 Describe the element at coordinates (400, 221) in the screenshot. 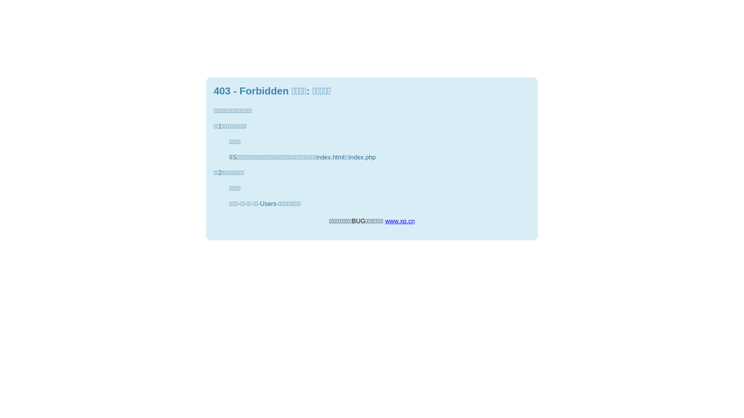

I see `'www.xp.cn'` at that location.